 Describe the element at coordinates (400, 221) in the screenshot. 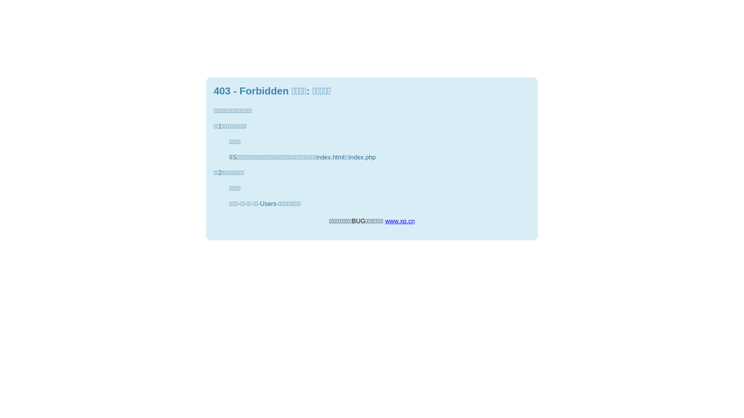

I see `'www.xp.cn'` at that location.